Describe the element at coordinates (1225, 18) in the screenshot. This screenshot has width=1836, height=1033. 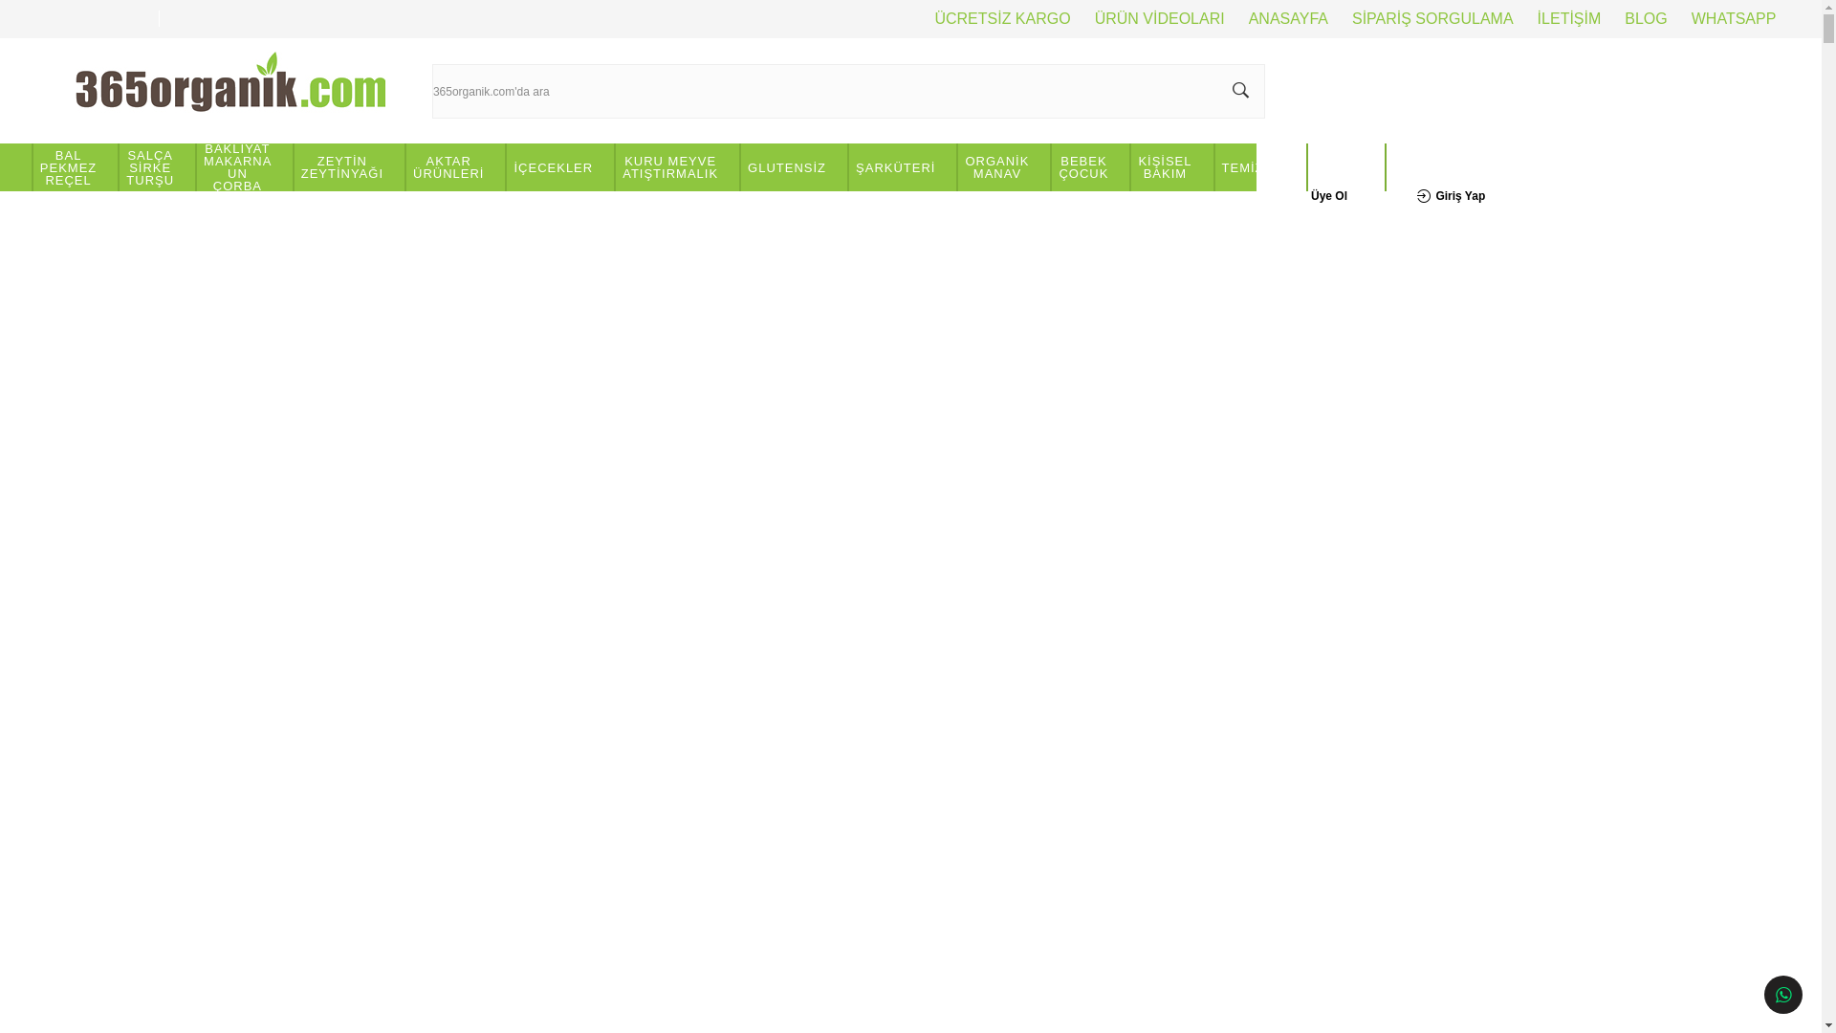
I see `'ANASAYFA'` at that location.